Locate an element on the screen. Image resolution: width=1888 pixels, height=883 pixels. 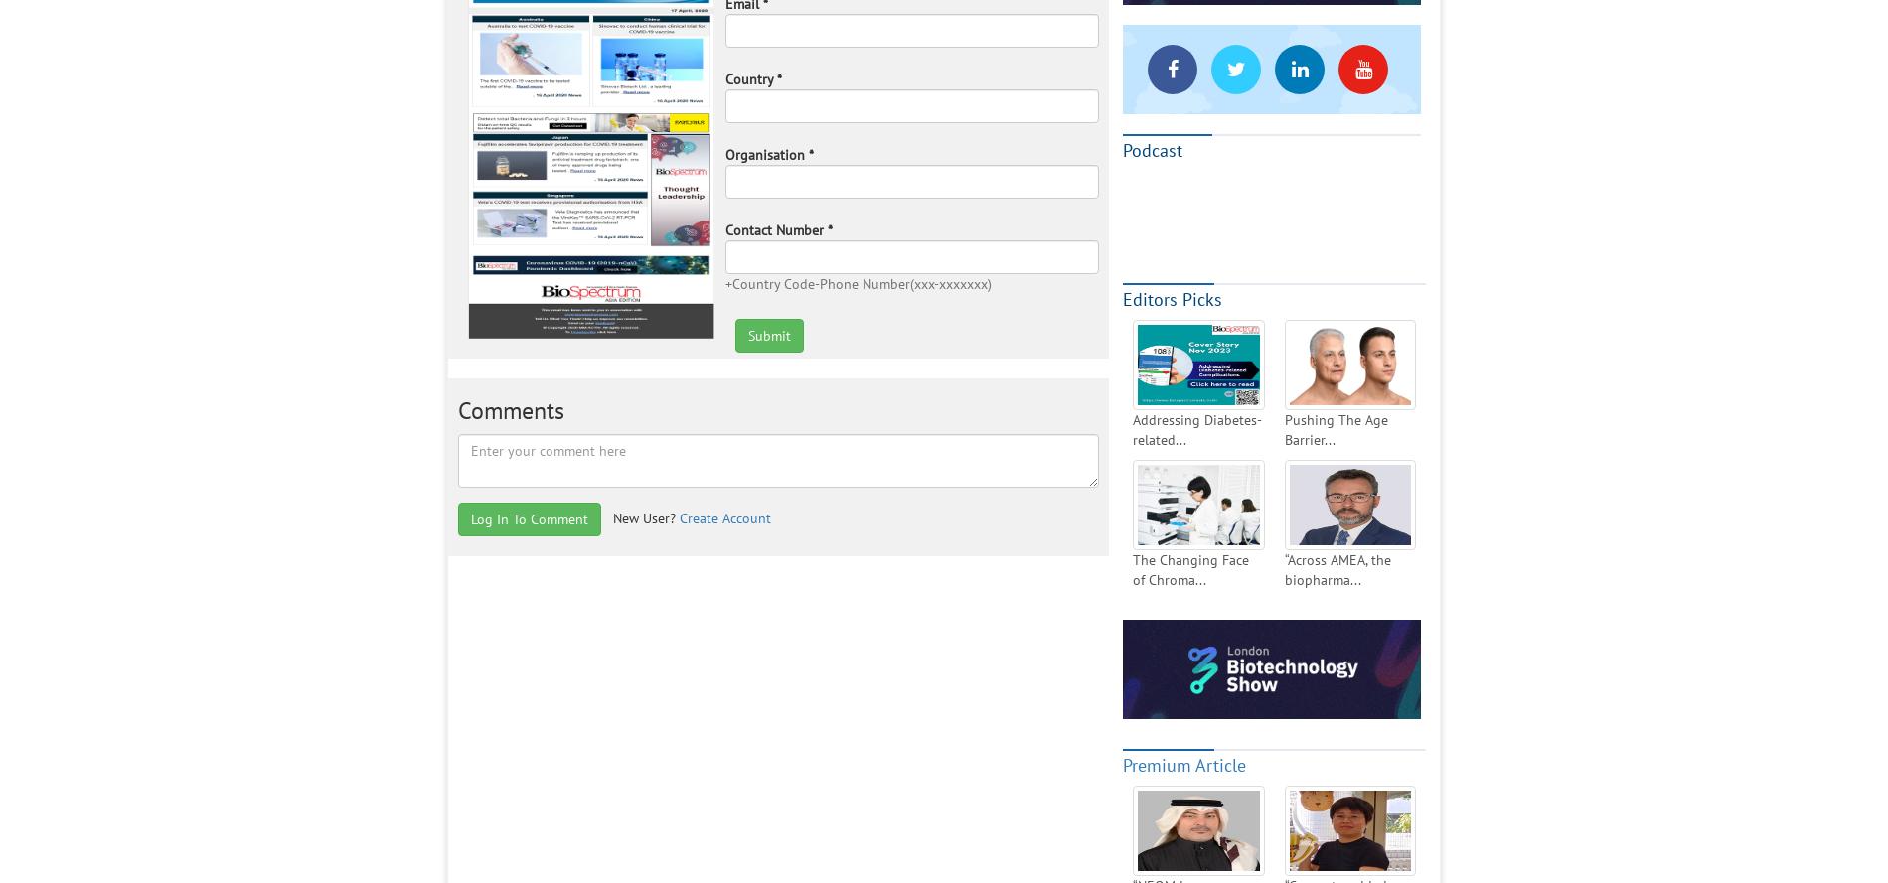
'Premium Article' is located at coordinates (1122, 764).